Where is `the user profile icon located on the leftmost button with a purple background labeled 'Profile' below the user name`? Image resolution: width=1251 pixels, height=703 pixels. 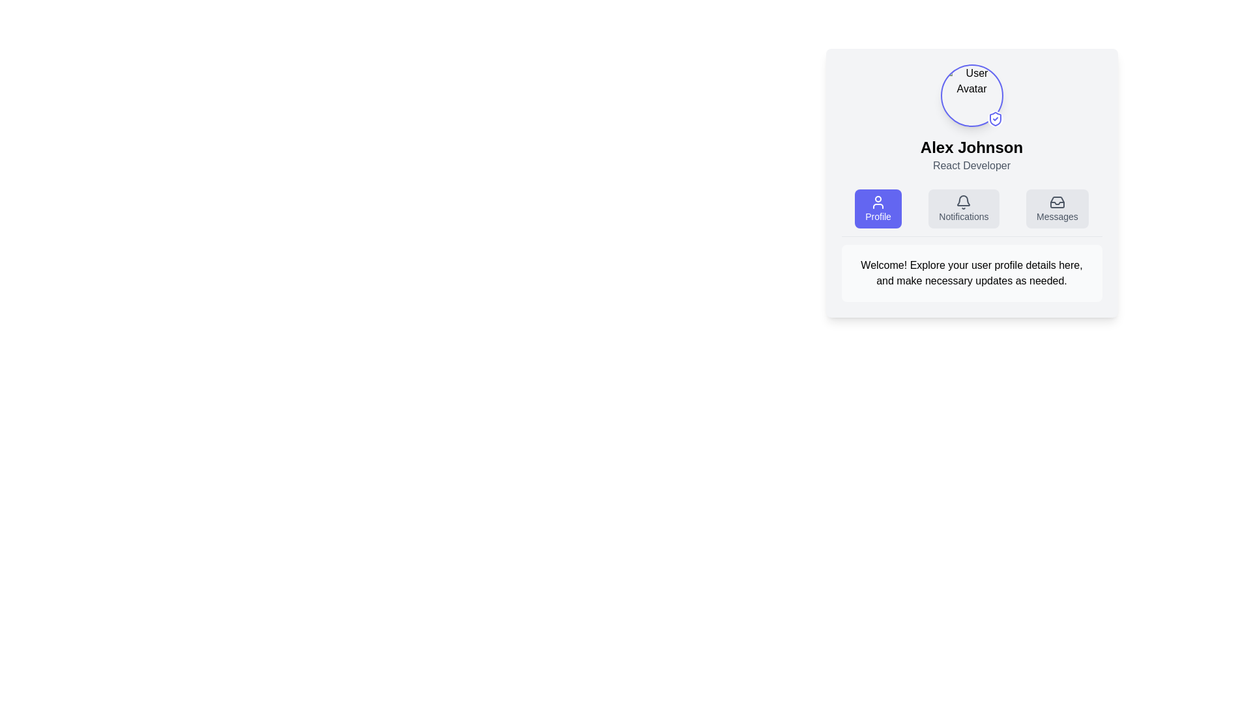 the user profile icon located on the leftmost button with a purple background labeled 'Profile' below the user name is located at coordinates (878, 202).